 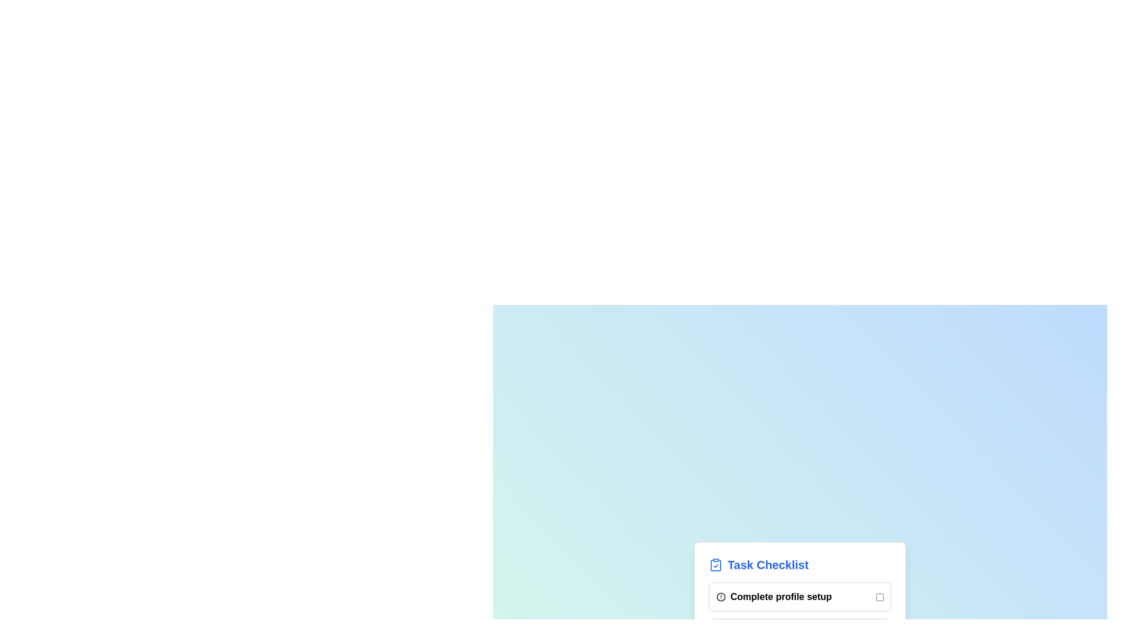 What do you see at coordinates (800, 597) in the screenshot?
I see `the first Task item in the checklist, which contains an alert icon and a checkbox, labeled 'Complete profile setup'` at bounding box center [800, 597].